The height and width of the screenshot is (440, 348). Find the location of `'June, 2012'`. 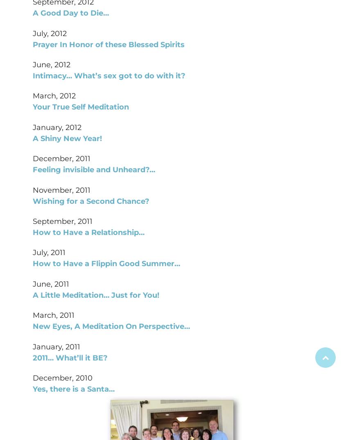

'June, 2012' is located at coordinates (51, 64).